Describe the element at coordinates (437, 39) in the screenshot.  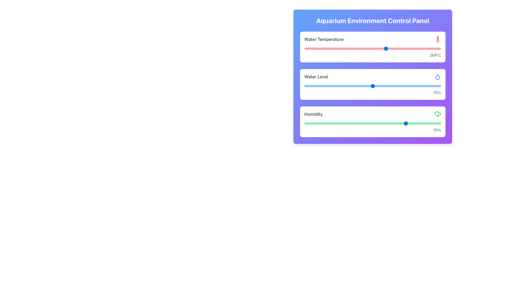
I see `the water temperature icon located on the far right of the 'Water Temperature' section in the 'Aquarium Environment Control Panel'` at that location.